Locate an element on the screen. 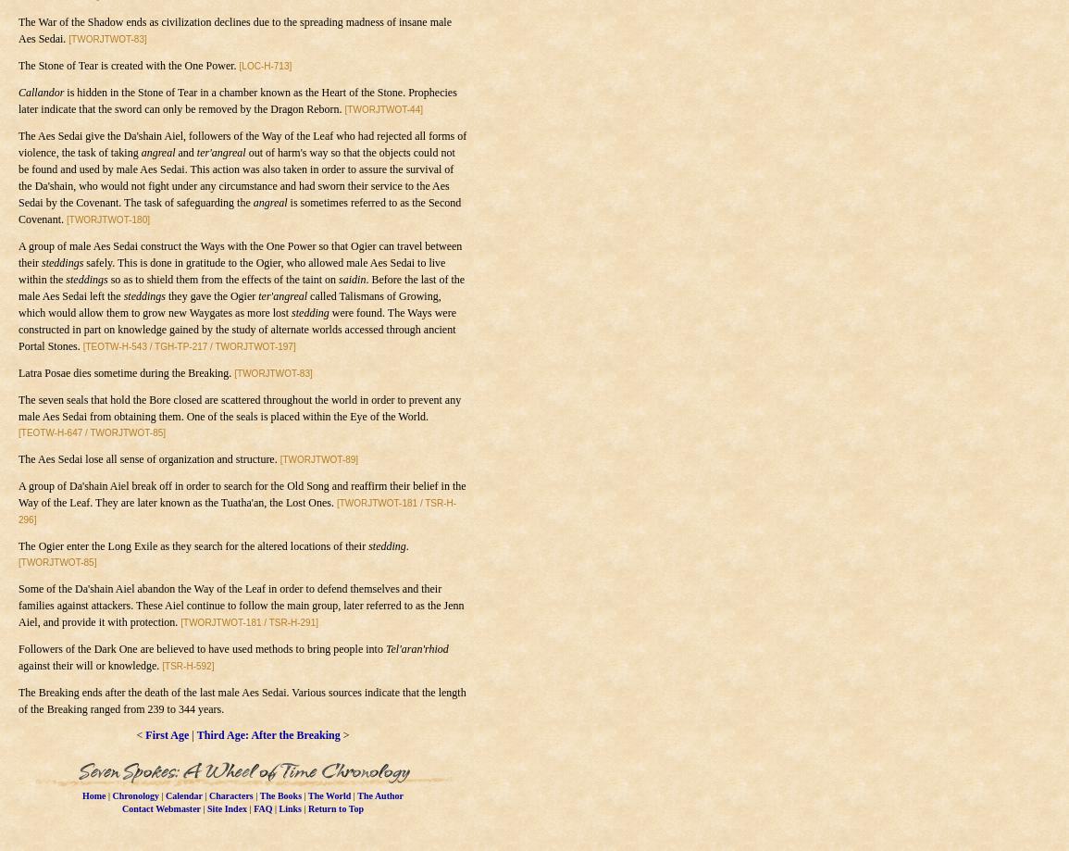  'The Breaking ends after the death of the last male Aes Sedai. Various sources indicate that the length of the Breaking ranged from 239 to 344 years.' is located at coordinates (17, 700).